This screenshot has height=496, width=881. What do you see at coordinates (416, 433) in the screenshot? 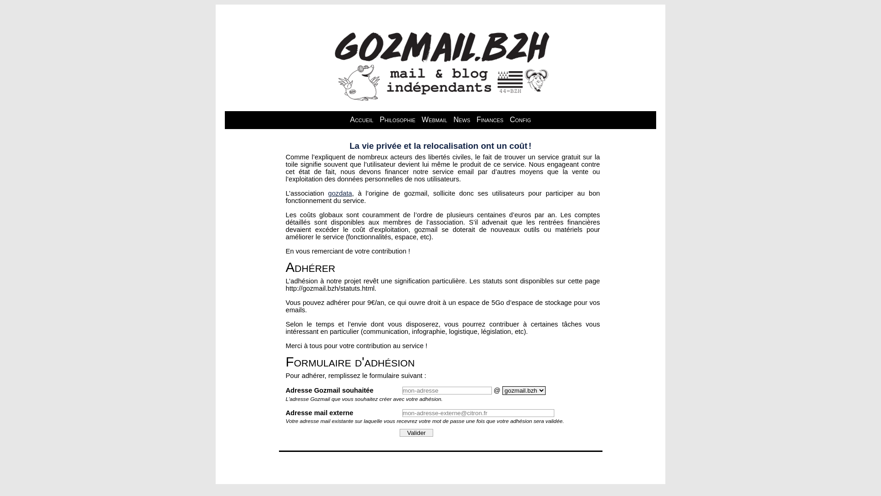
I see `'    Valider    '` at bounding box center [416, 433].